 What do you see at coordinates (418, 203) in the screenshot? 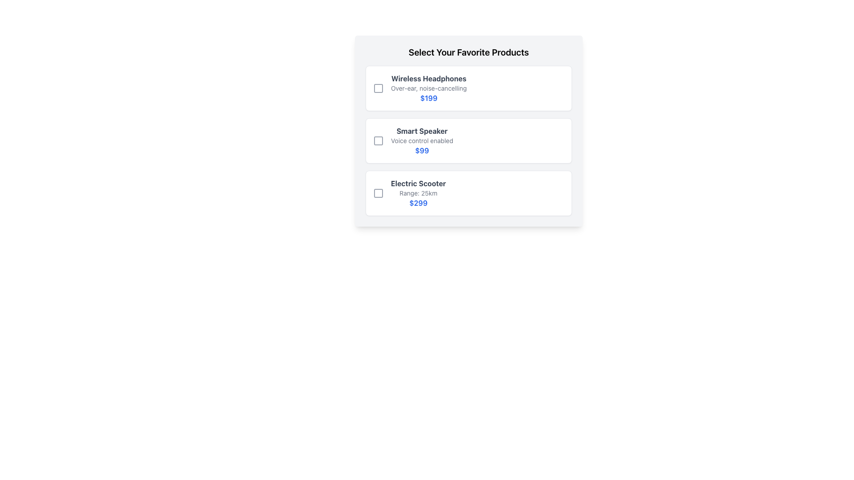
I see `price value displayed in the text label for the Electric Scooter product option, which is positioned below the 'Range: 25km' text and aligned to the right` at bounding box center [418, 203].